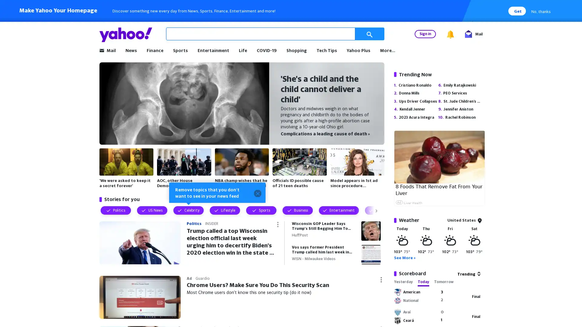 This screenshot has height=327, width=582. What do you see at coordinates (370, 210) in the screenshot?
I see `Visually show next topic filters` at bounding box center [370, 210].